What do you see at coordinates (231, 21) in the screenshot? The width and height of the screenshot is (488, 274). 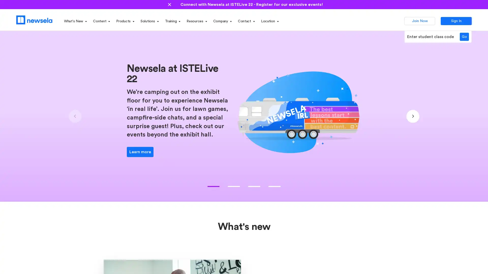 I see `Open Company dropdown` at bounding box center [231, 21].